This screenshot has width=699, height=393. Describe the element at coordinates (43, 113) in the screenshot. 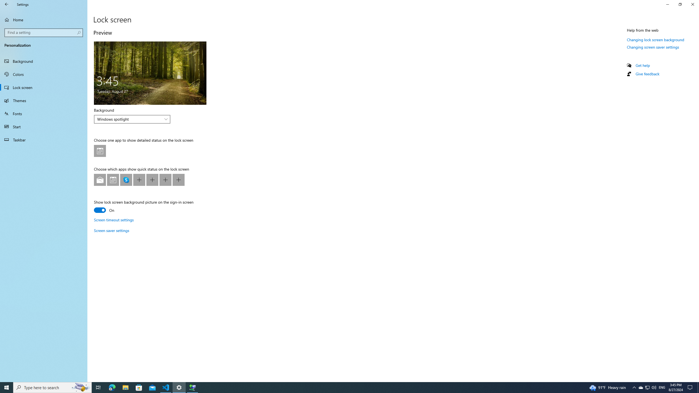

I see `'Fonts'` at that location.